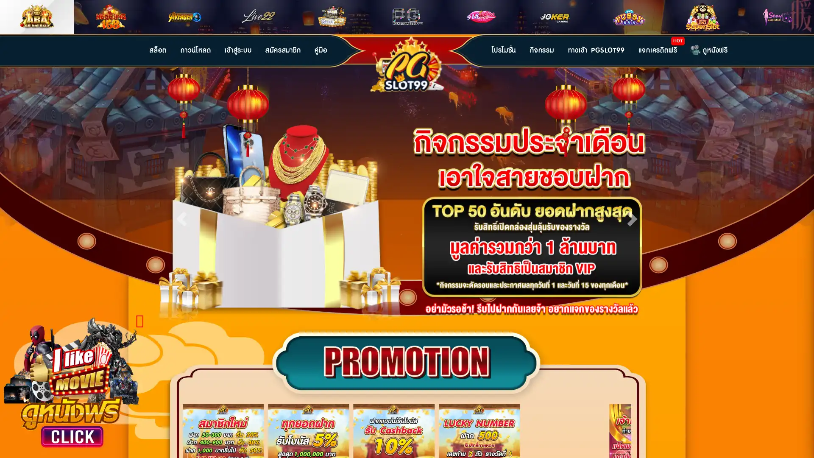 Image resolution: width=814 pixels, height=458 pixels. I want to click on Next, so click(632, 217).